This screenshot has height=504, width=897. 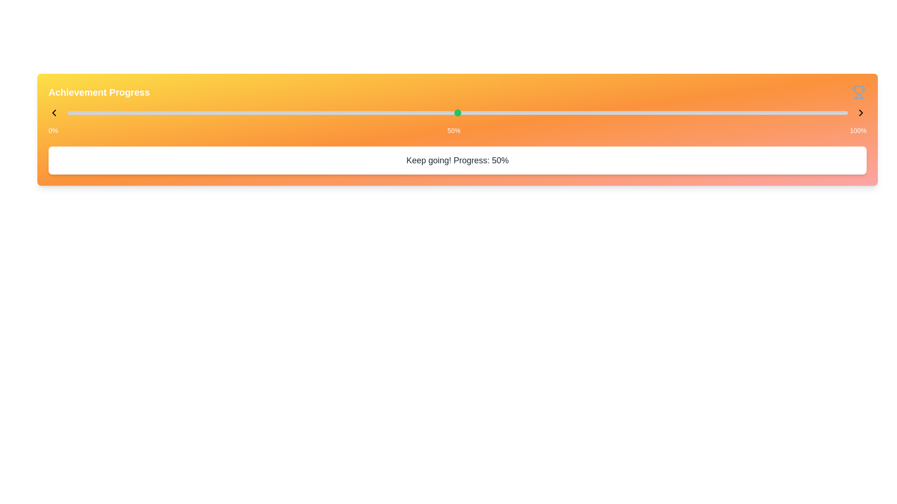 What do you see at coordinates (861, 112) in the screenshot?
I see `the chevron or arrow icon located at the far right end of the progress bar, which indicates navigation or progression functionality` at bounding box center [861, 112].